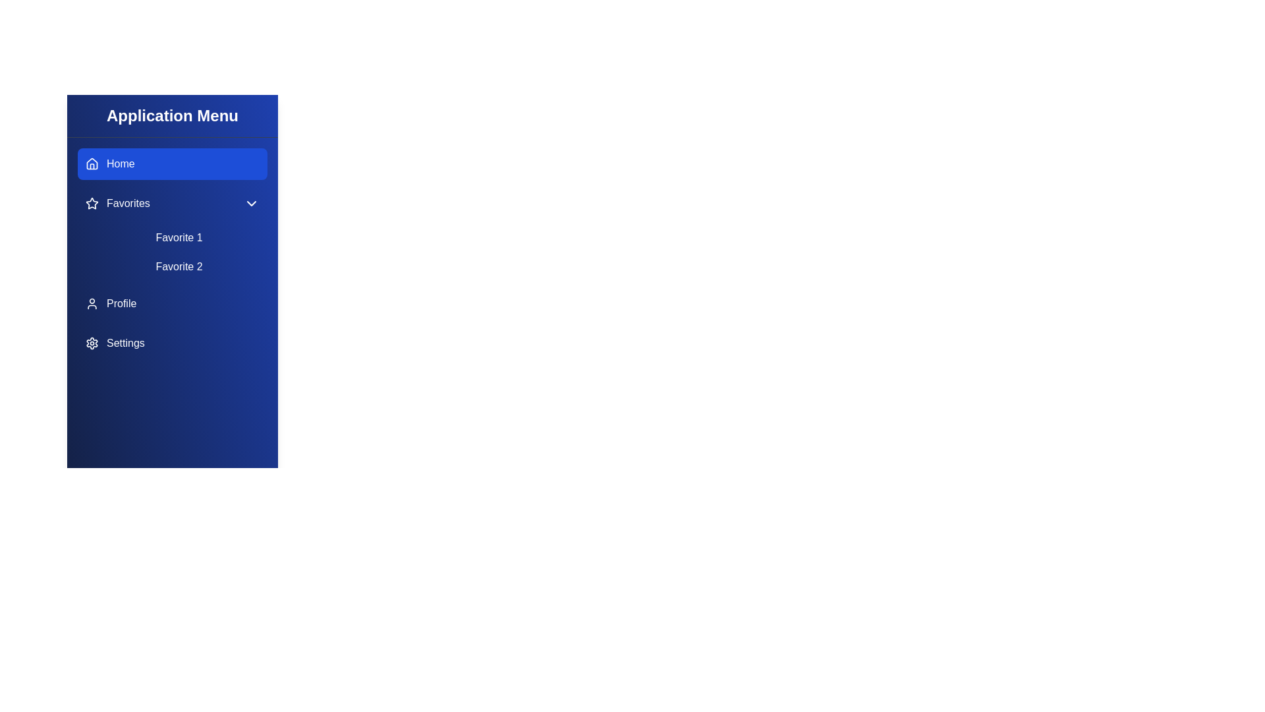  What do you see at coordinates (121, 163) in the screenshot?
I see `the 'Home' text label within the navigation menu button, which is located to the right of the house icon` at bounding box center [121, 163].